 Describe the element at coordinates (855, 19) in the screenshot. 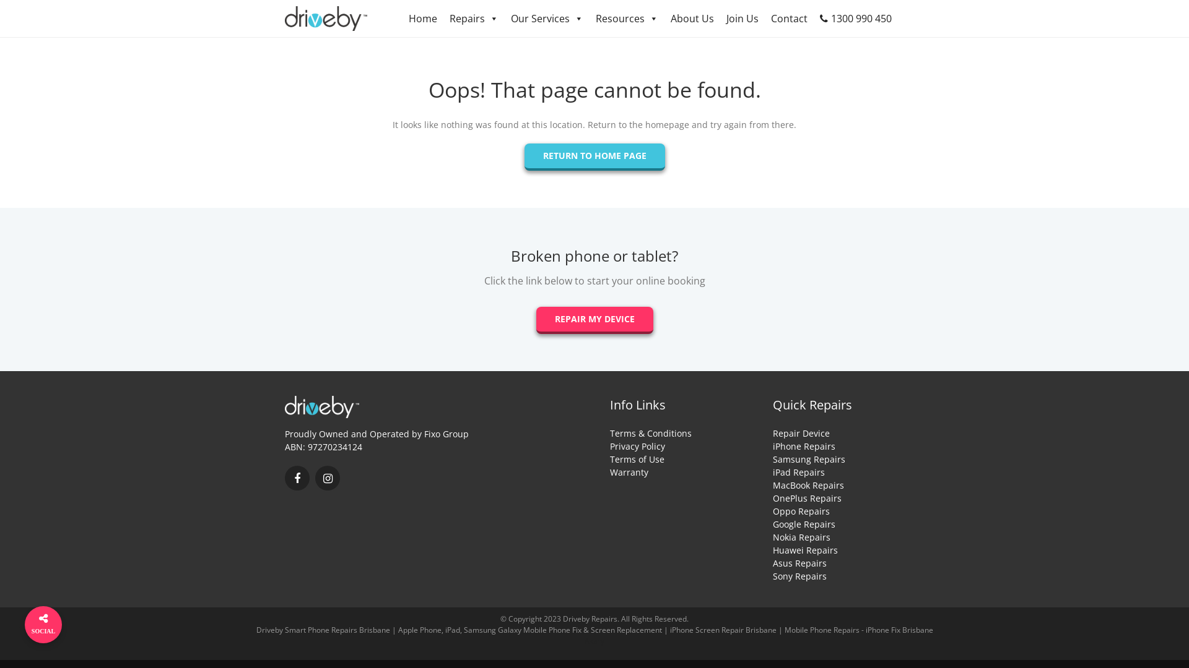

I see `'1300 990 450'` at that location.